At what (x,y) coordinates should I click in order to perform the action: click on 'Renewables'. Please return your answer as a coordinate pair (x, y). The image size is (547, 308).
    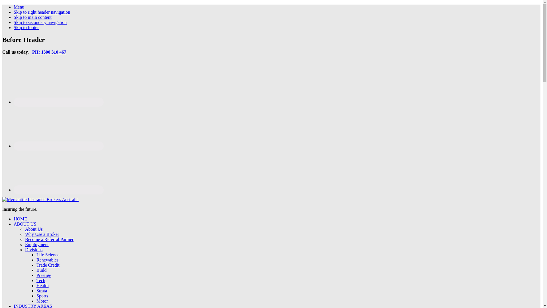
    Looking at the image, I should click on (36, 260).